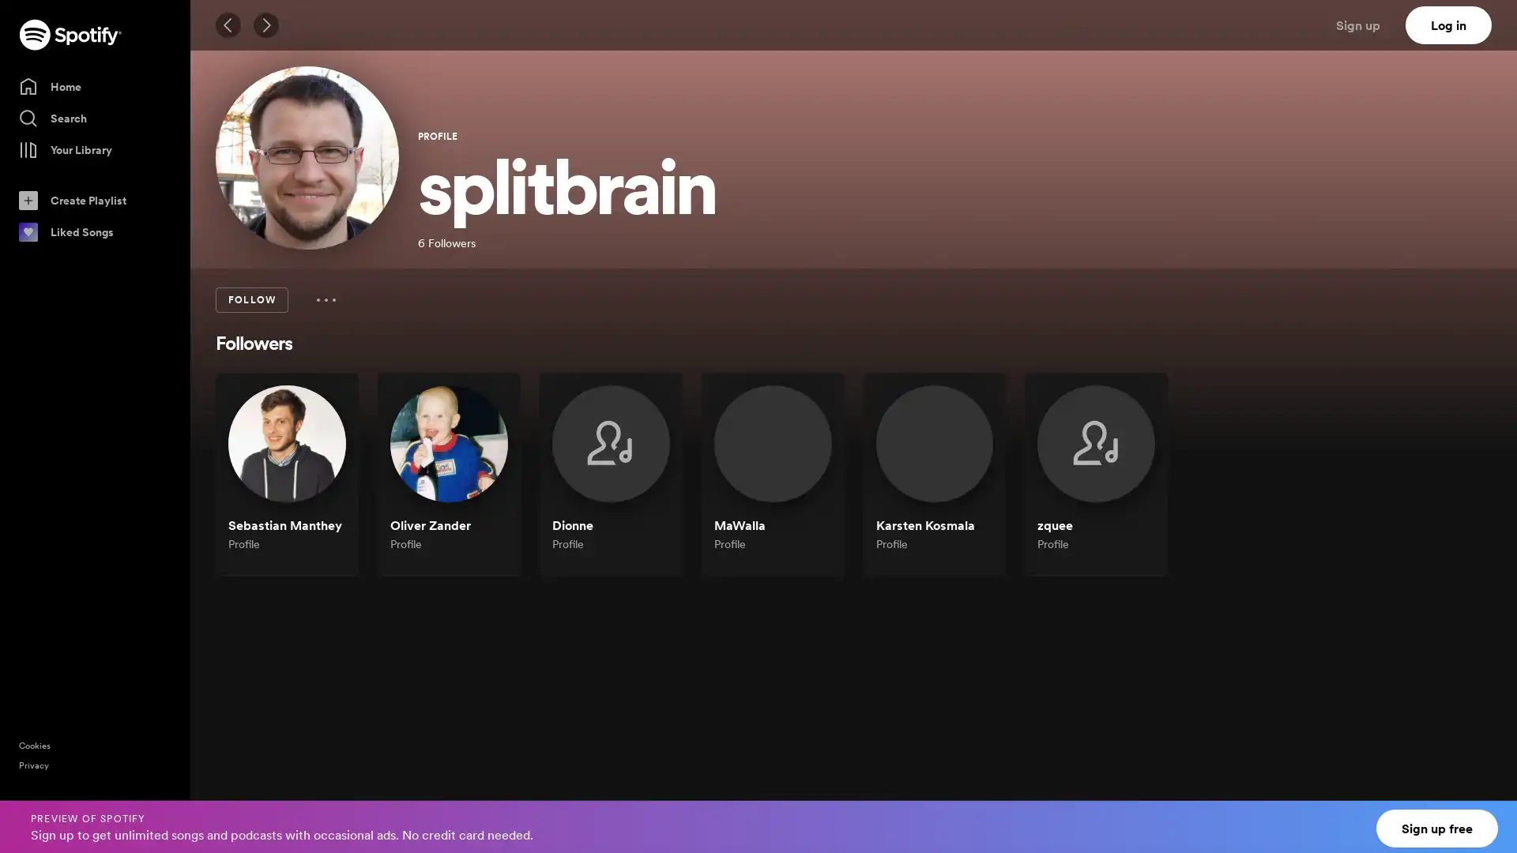  Describe the element at coordinates (1367, 24) in the screenshot. I see `Sign up` at that location.